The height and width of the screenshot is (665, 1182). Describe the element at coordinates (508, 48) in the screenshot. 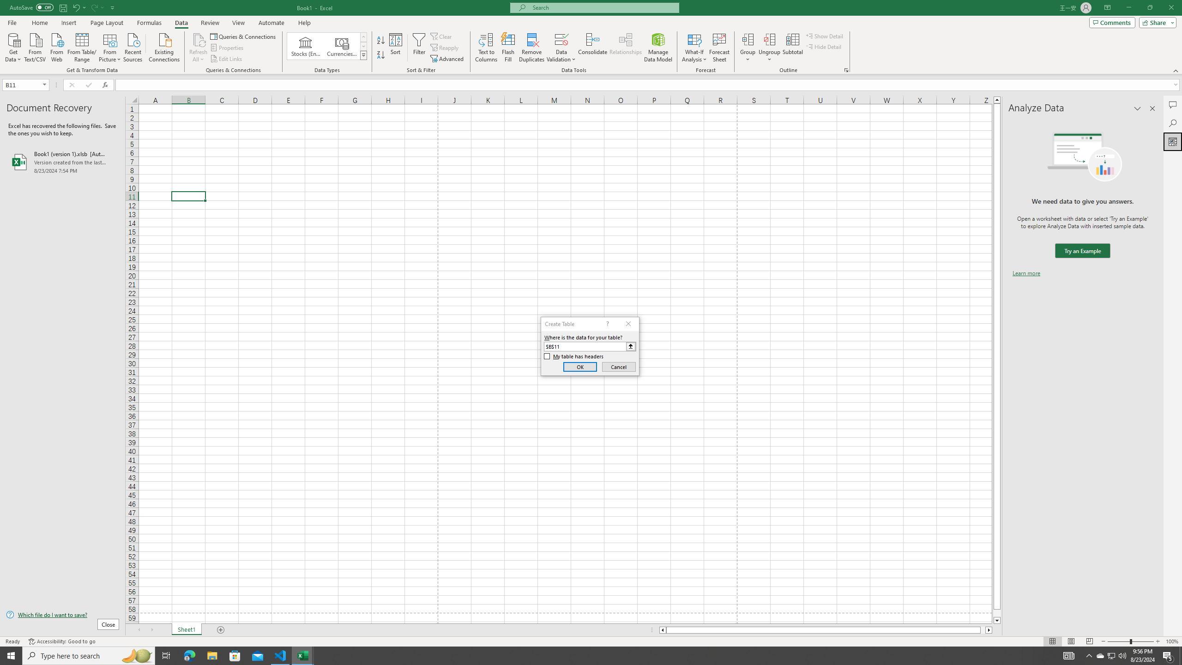

I see `'Flash Fill'` at that location.